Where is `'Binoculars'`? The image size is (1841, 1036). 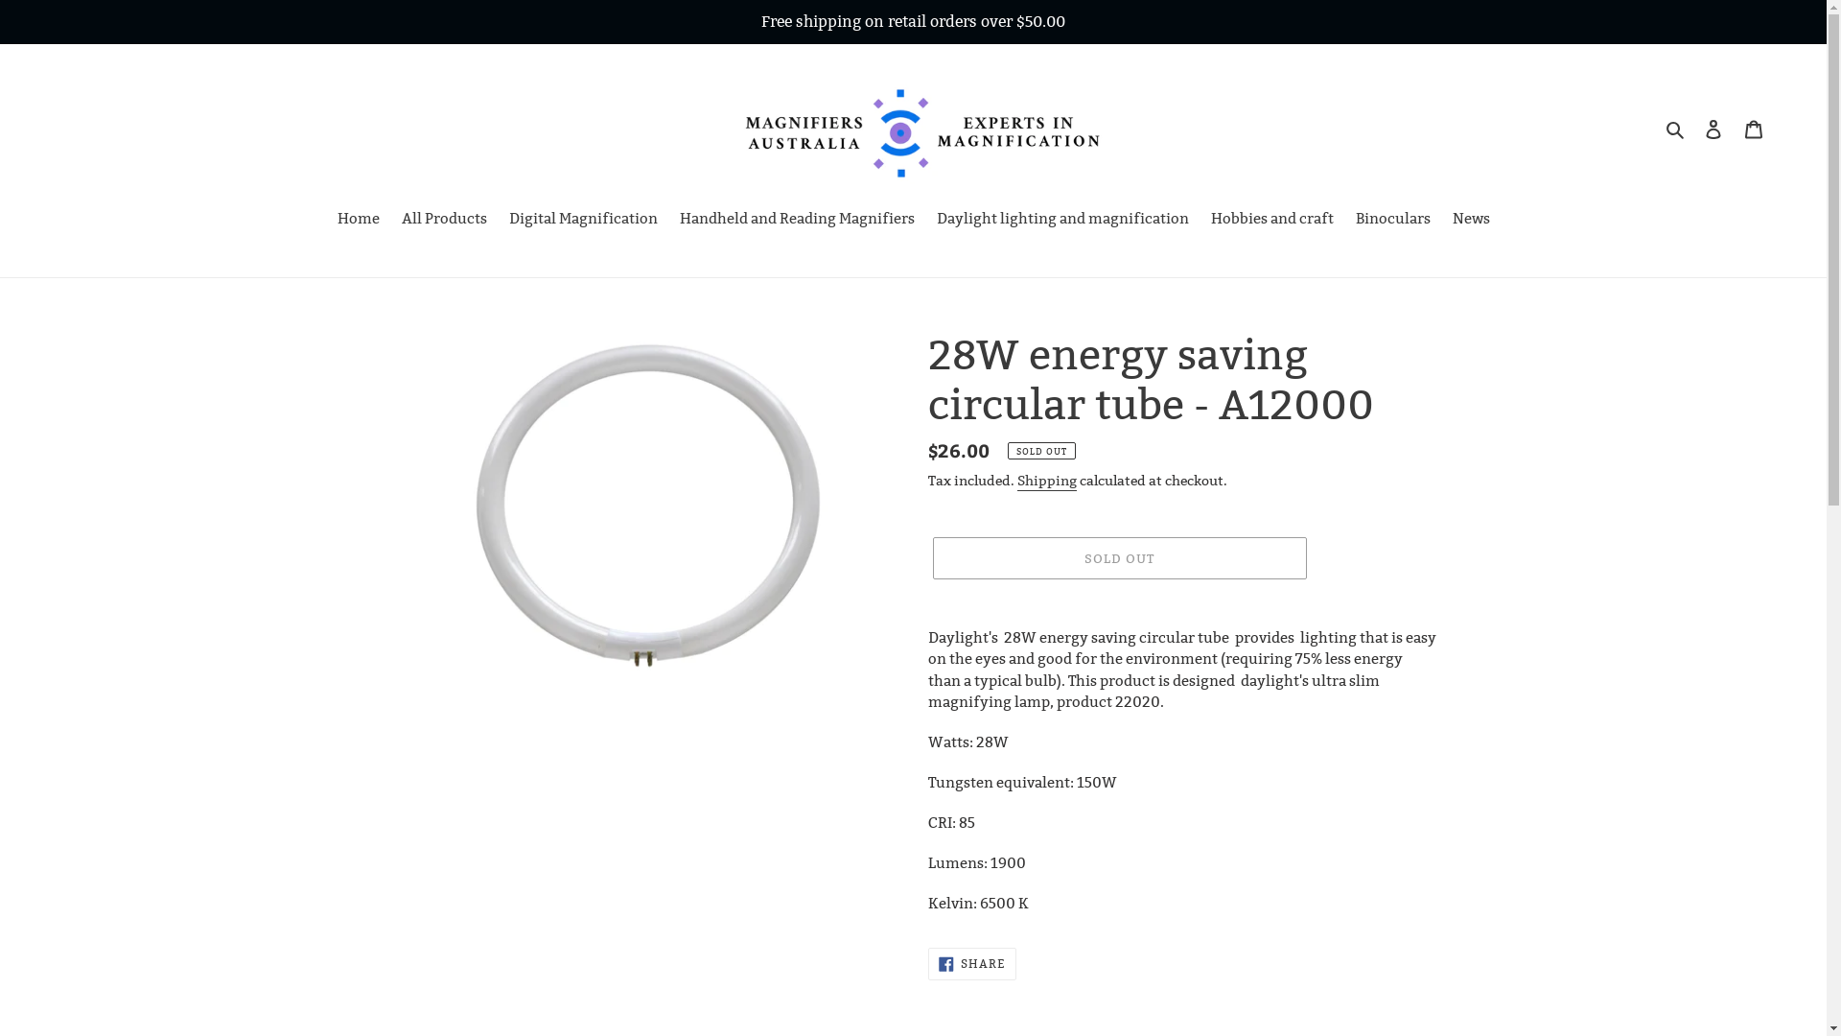
'Binoculars' is located at coordinates (1393, 220).